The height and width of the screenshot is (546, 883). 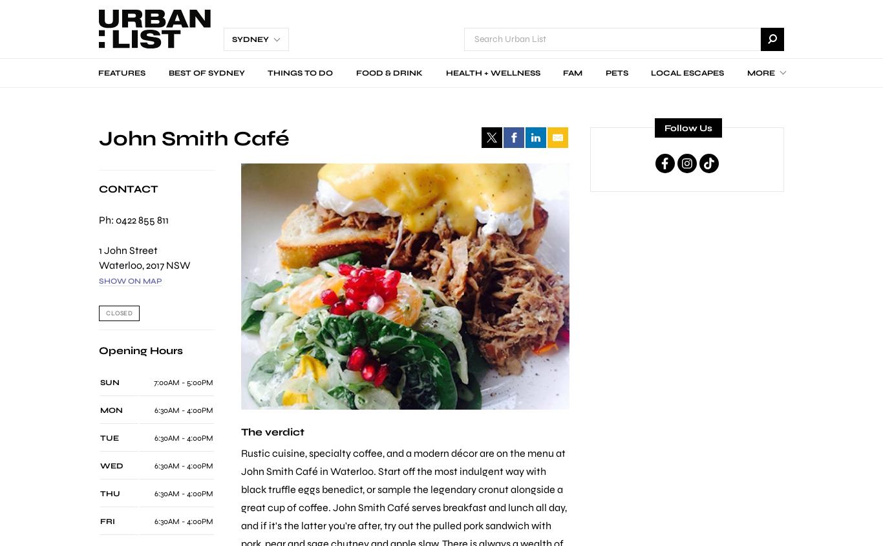 What do you see at coordinates (747, 72) in the screenshot?
I see `'More'` at bounding box center [747, 72].